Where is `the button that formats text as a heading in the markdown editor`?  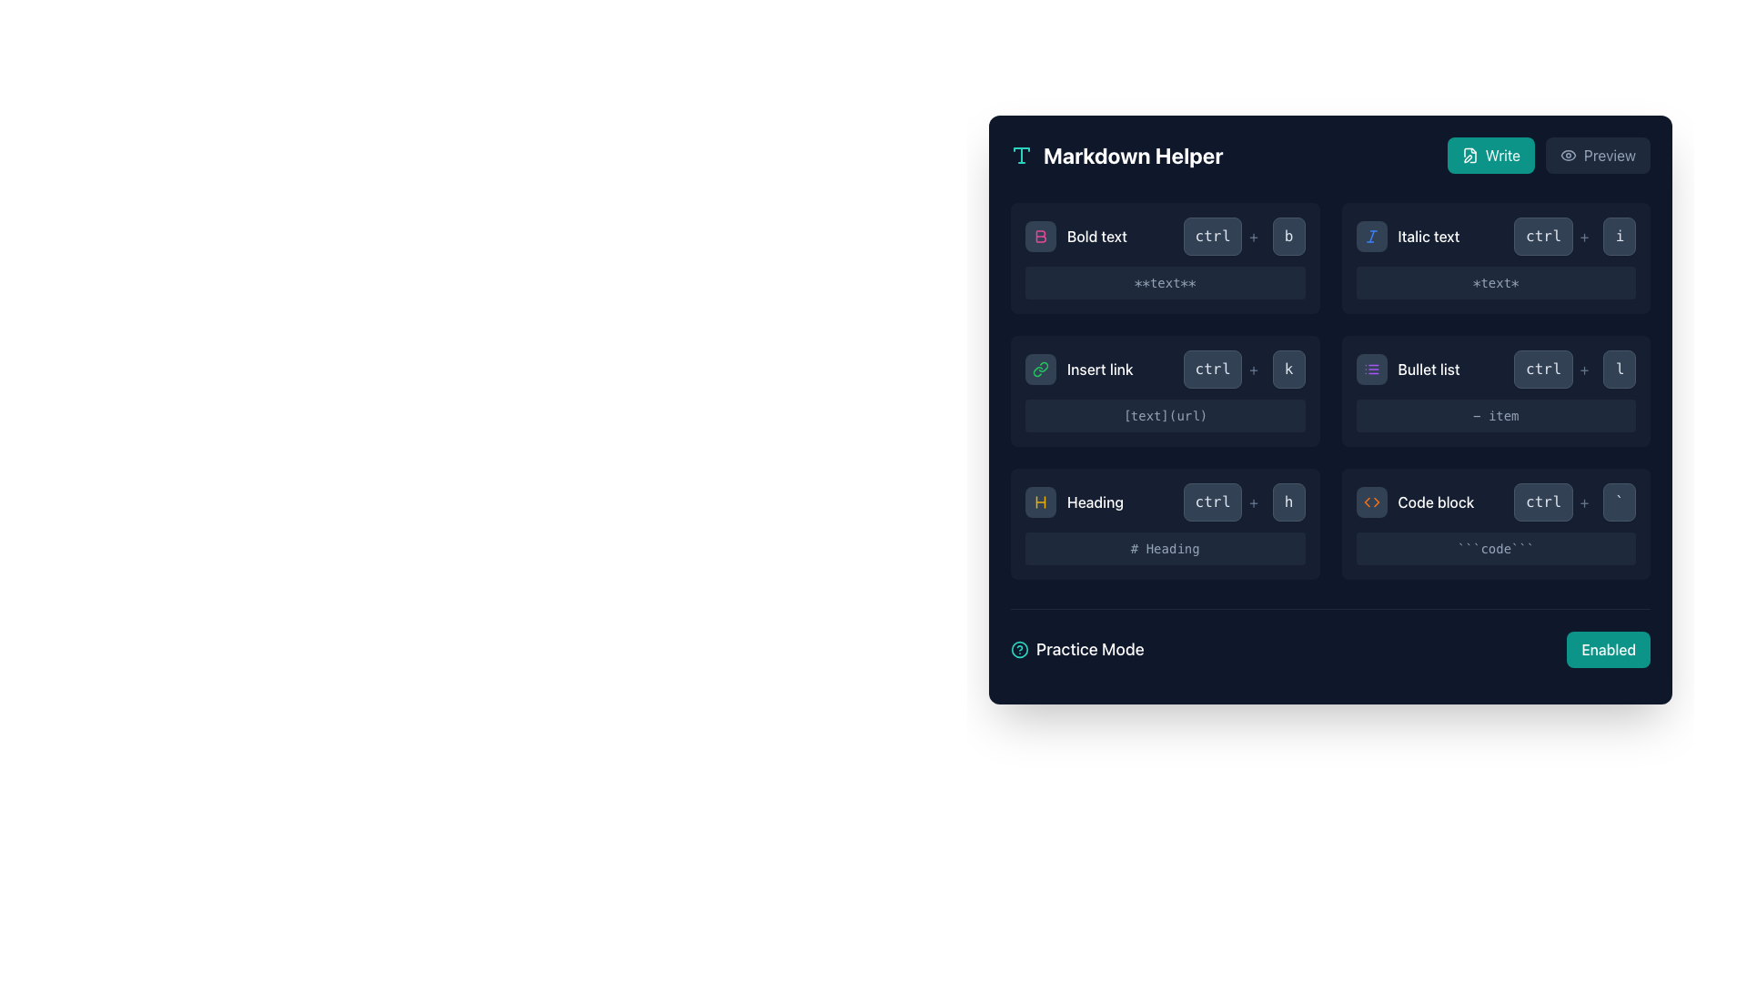 the button that formats text as a heading in the markdown editor is located at coordinates (1074, 502).